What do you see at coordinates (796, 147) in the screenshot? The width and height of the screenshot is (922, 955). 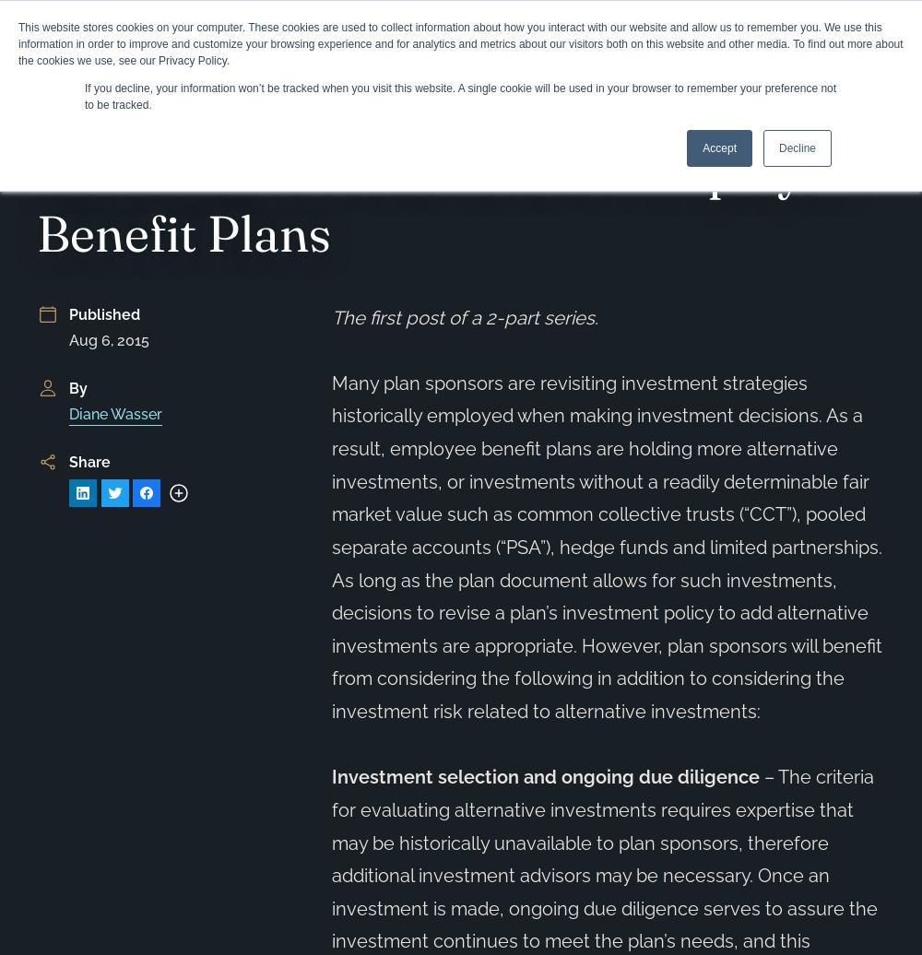 I see `'Decline'` at bounding box center [796, 147].